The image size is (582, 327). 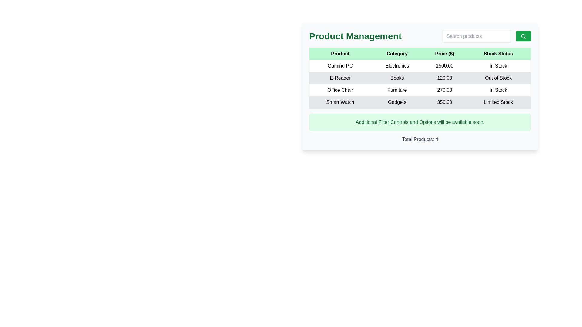 What do you see at coordinates (445, 53) in the screenshot?
I see `the 'Price ($)' label, which is styled as bold text on a light green background and located as the third column header in a table layout` at bounding box center [445, 53].